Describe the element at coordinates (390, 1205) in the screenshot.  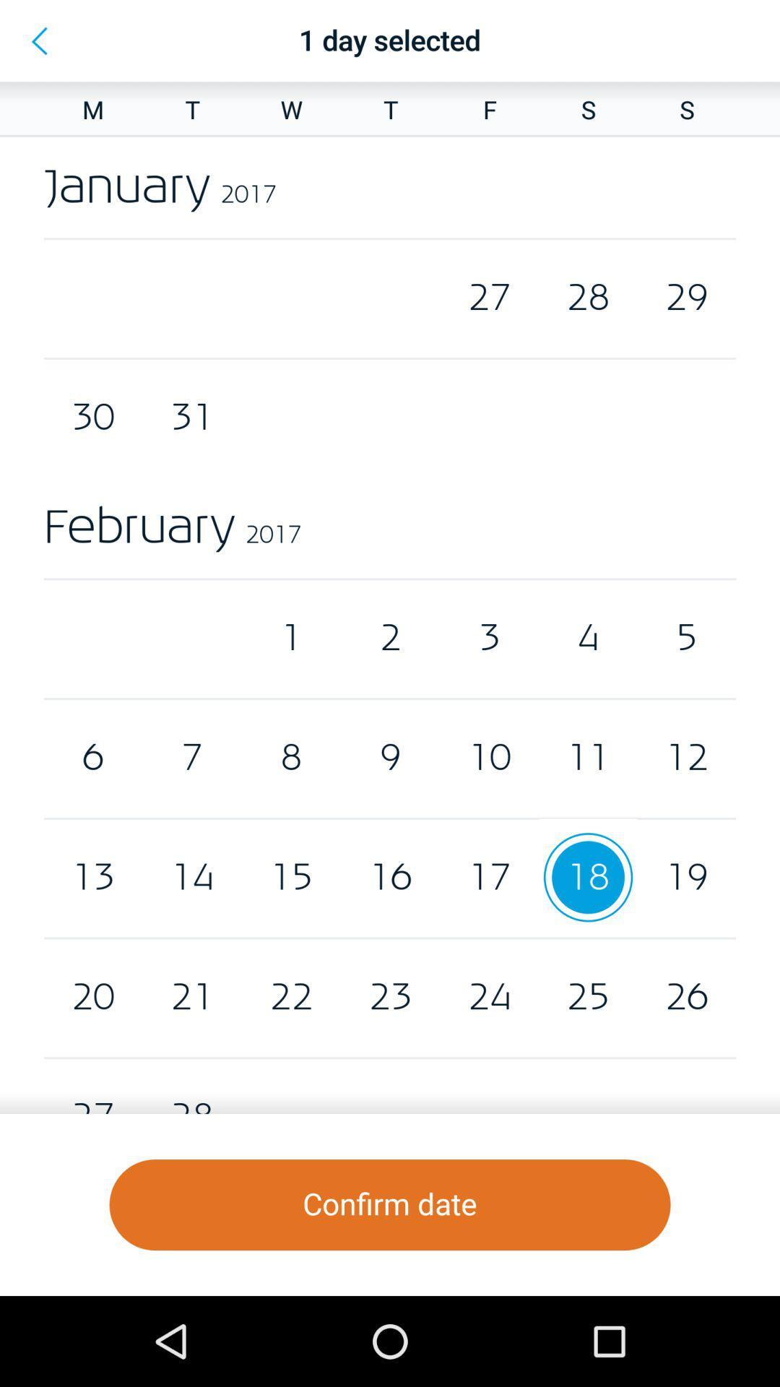
I see `the icon below the 27` at that location.